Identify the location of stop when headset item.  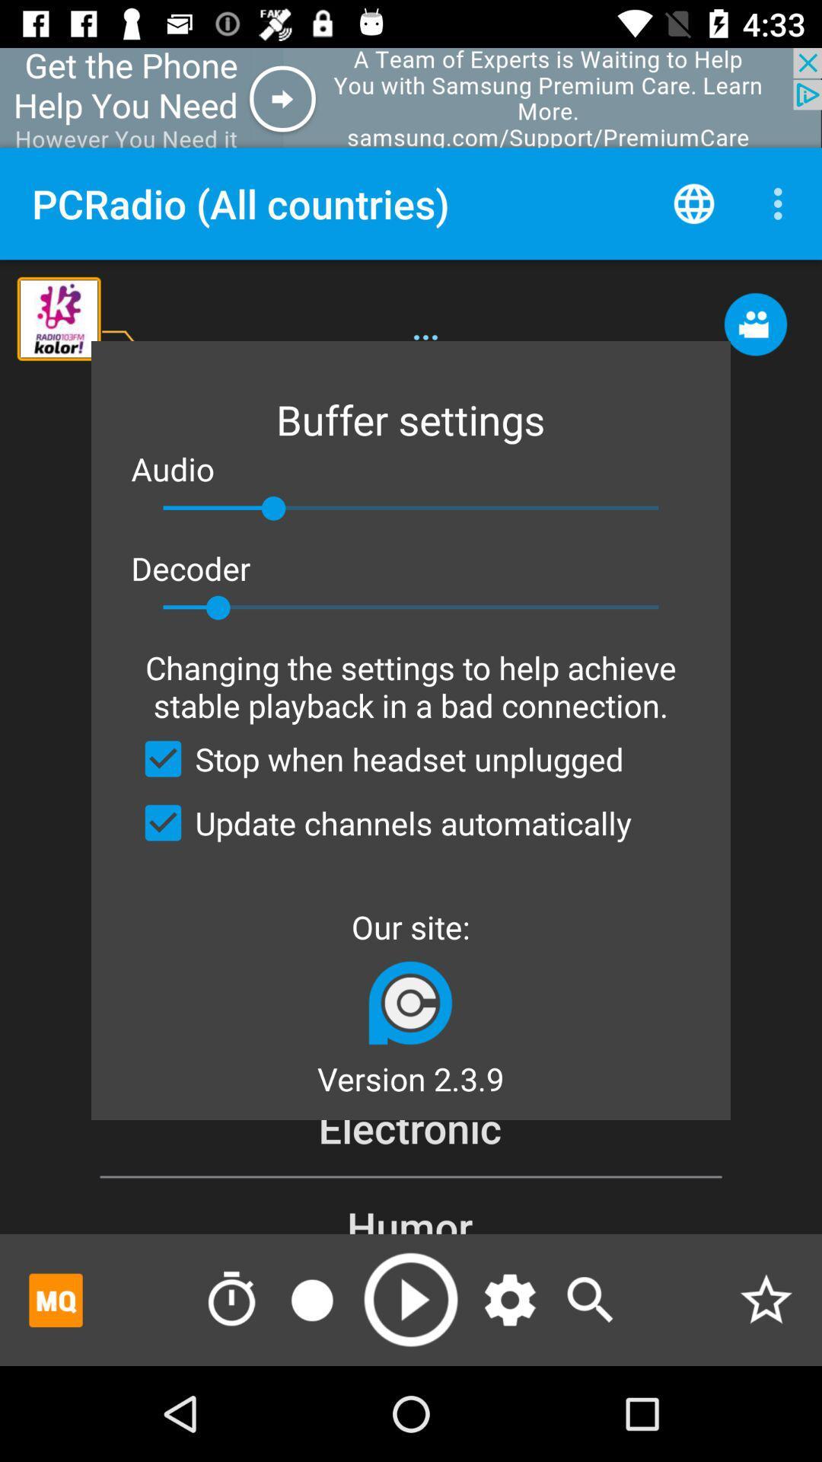
(377, 758).